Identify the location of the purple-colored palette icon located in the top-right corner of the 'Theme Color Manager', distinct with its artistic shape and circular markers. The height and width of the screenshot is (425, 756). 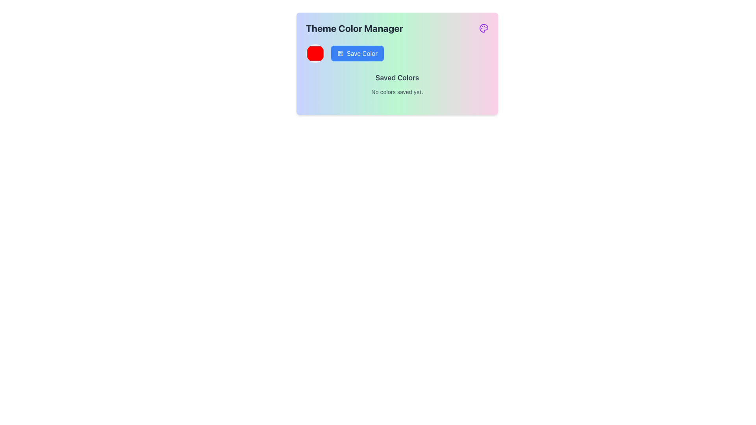
(483, 28).